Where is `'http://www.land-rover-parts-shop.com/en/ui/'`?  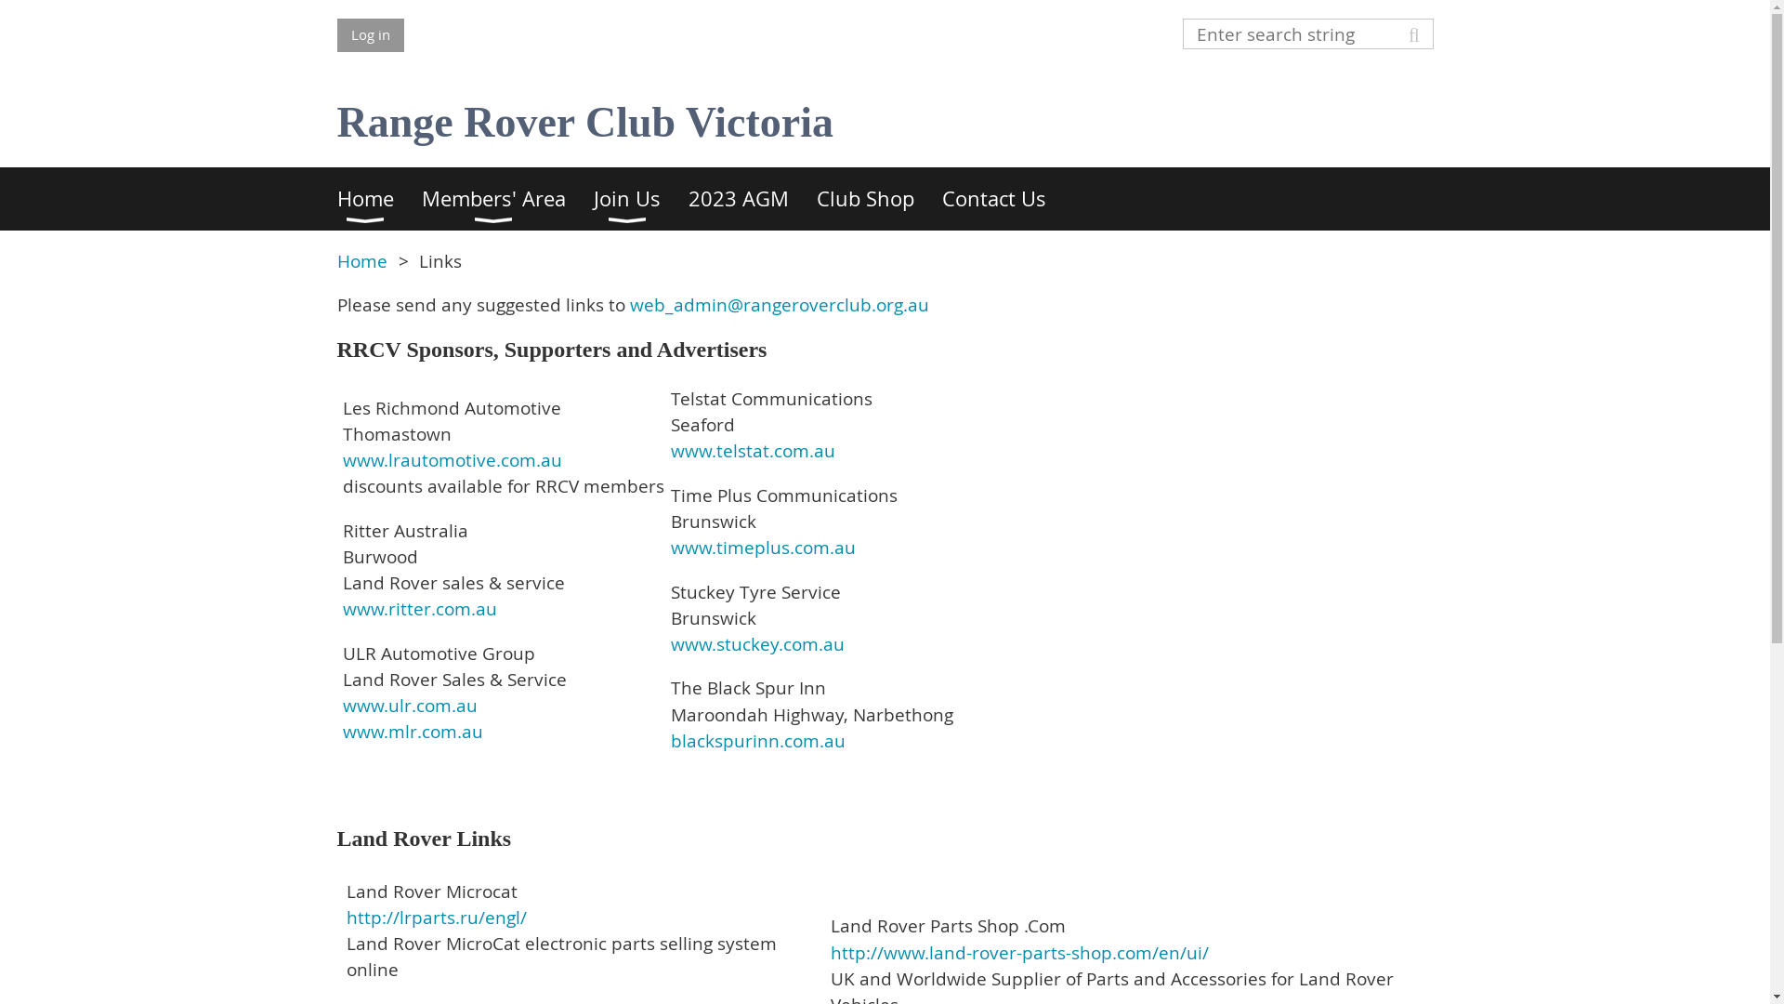
'http://www.land-rover-parts-shop.com/en/ui/' is located at coordinates (1018, 953).